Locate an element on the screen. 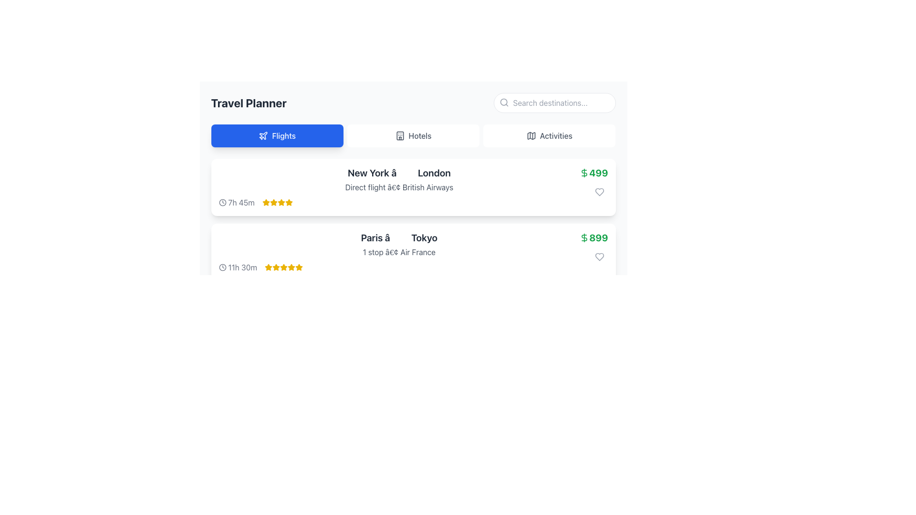 This screenshot has width=916, height=515. the flight duration icon to the left of the text '11h 30m' for the second flight option from 'Paris to Tokyo' in the 'Time and Rating' section is located at coordinates (222, 267).